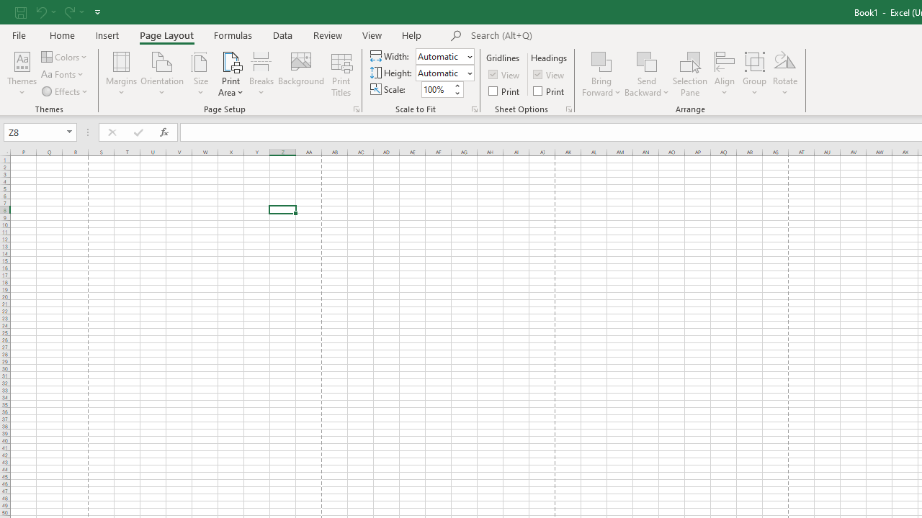 The height and width of the screenshot is (518, 922). I want to click on 'Sheet Options', so click(568, 108).